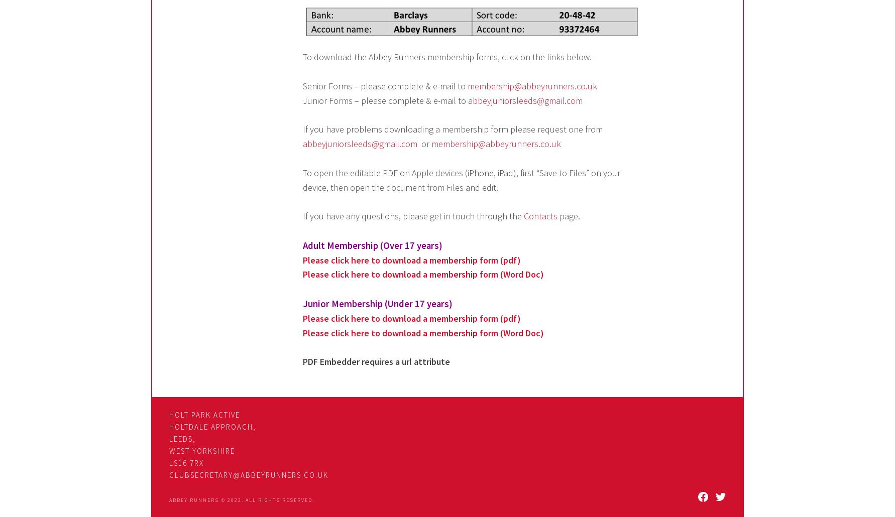 This screenshot has height=517, width=895. I want to click on 'Contacts', so click(540, 215).